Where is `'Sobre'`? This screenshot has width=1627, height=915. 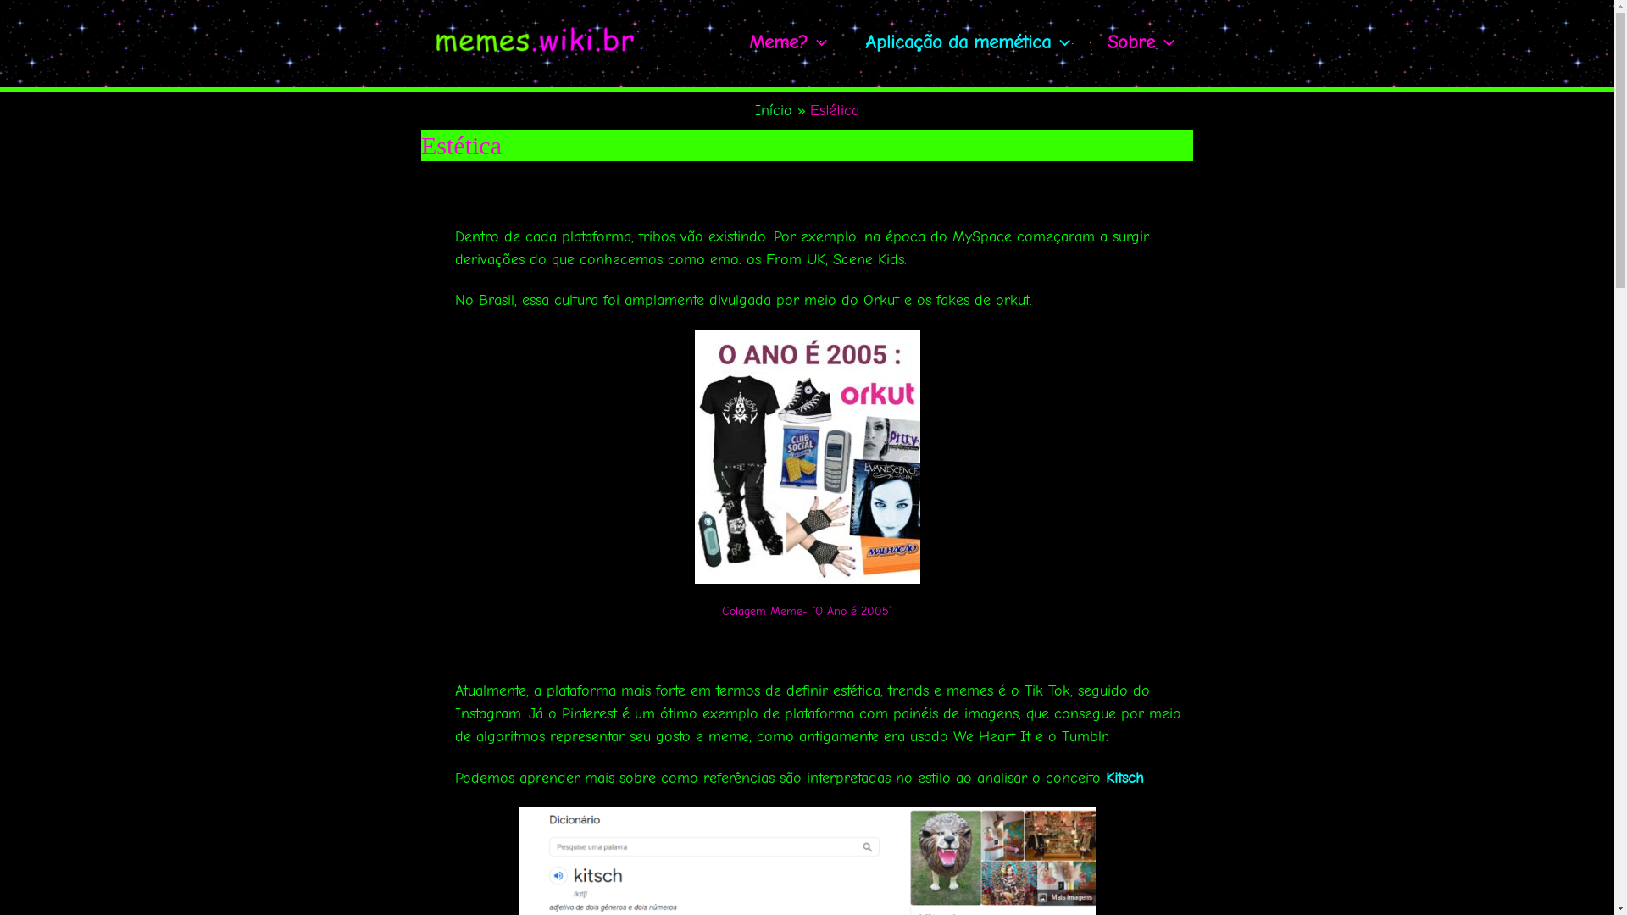
'Sobre' is located at coordinates (1141, 42).